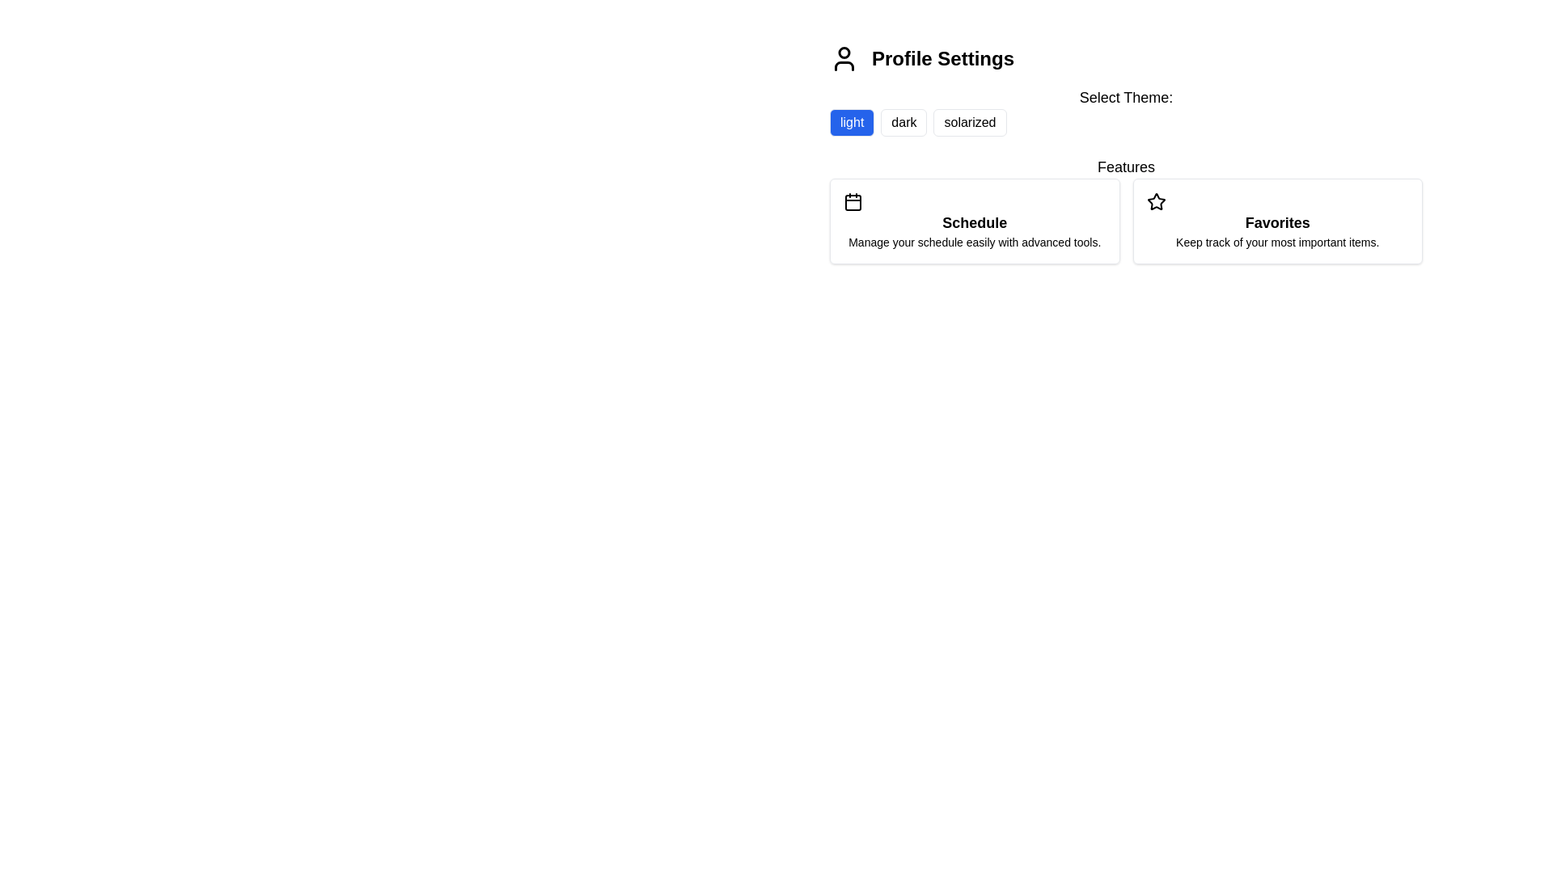 The image size is (1553, 873). What do you see at coordinates (903, 121) in the screenshot?
I see `the 'dark' button, which is a rectangular button with a bold black label on a white background and a thin gray border, located beneath the 'Select Theme:' heading` at bounding box center [903, 121].